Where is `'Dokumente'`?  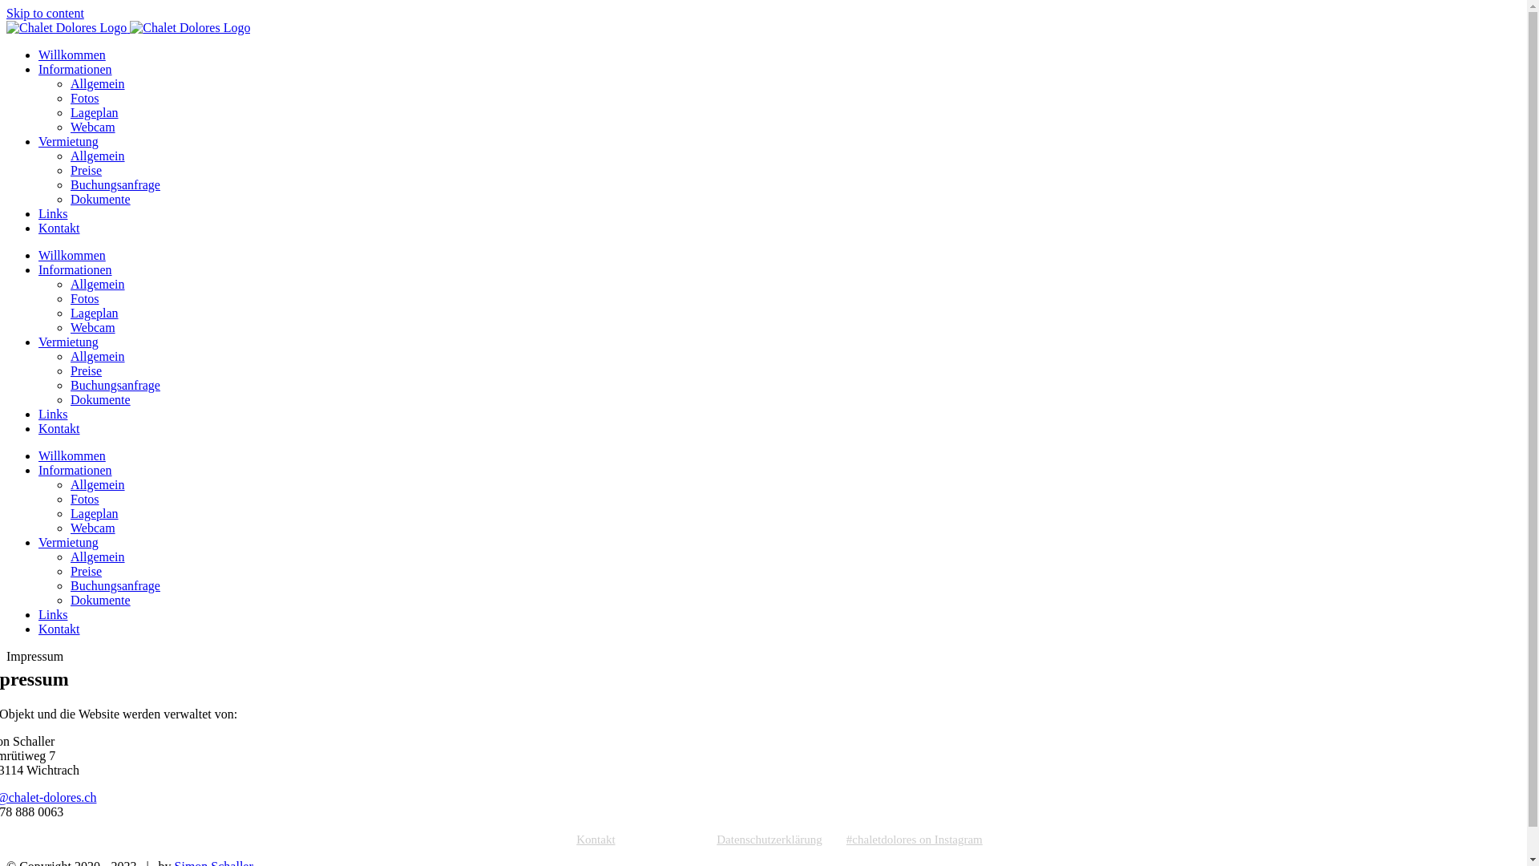
'Dokumente' is located at coordinates (99, 198).